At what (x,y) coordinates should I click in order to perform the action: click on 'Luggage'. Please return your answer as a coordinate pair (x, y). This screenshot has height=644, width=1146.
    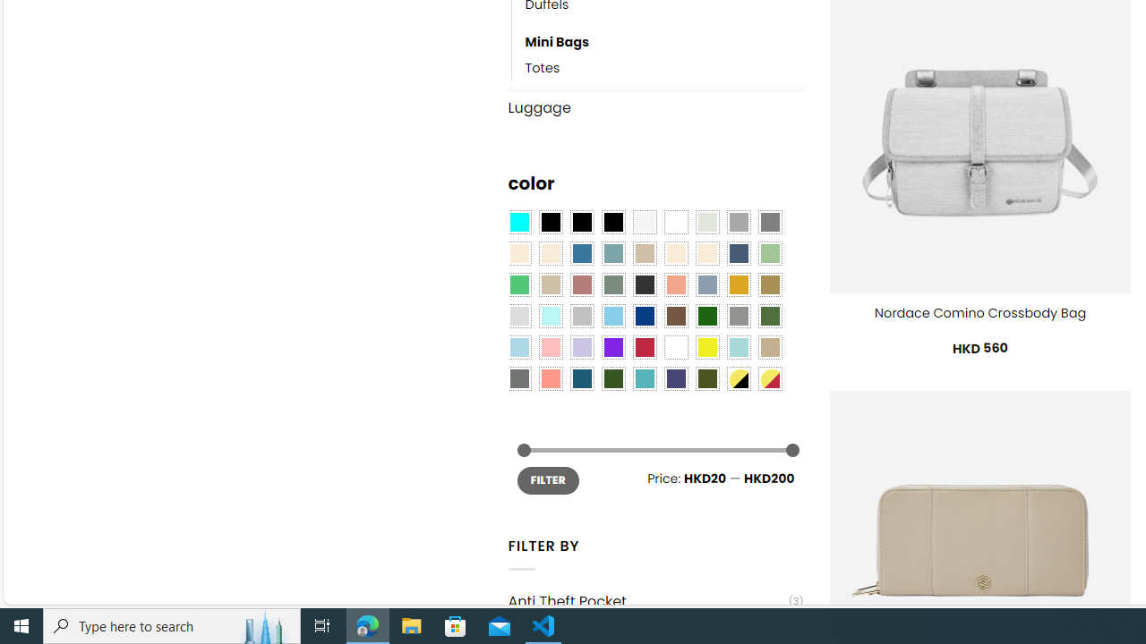
    Looking at the image, I should click on (654, 107).